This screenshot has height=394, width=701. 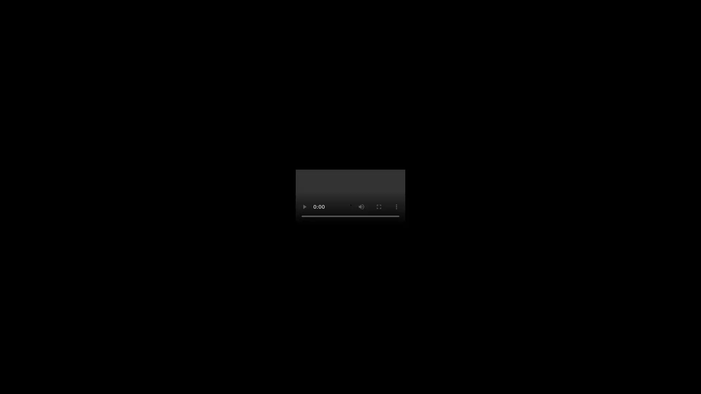 What do you see at coordinates (304, 207) in the screenshot?
I see `play` at bounding box center [304, 207].